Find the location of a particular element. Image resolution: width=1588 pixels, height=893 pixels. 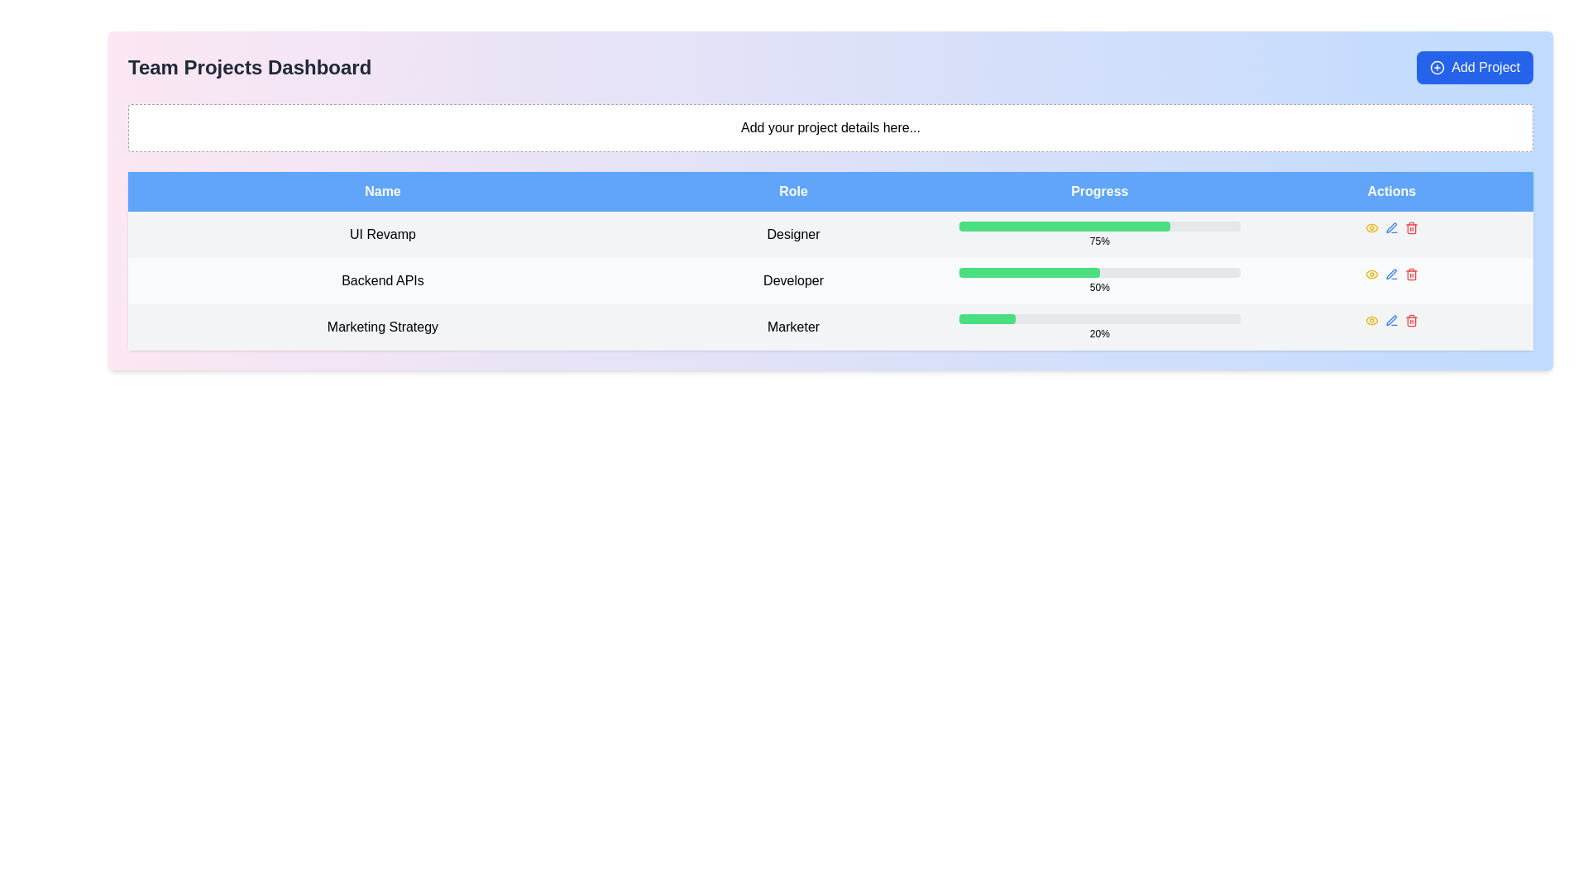

the Static Text Label displaying 'UI Revamp' located in the first column of the first data row under the 'Name' header is located at coordinates (381, 235).